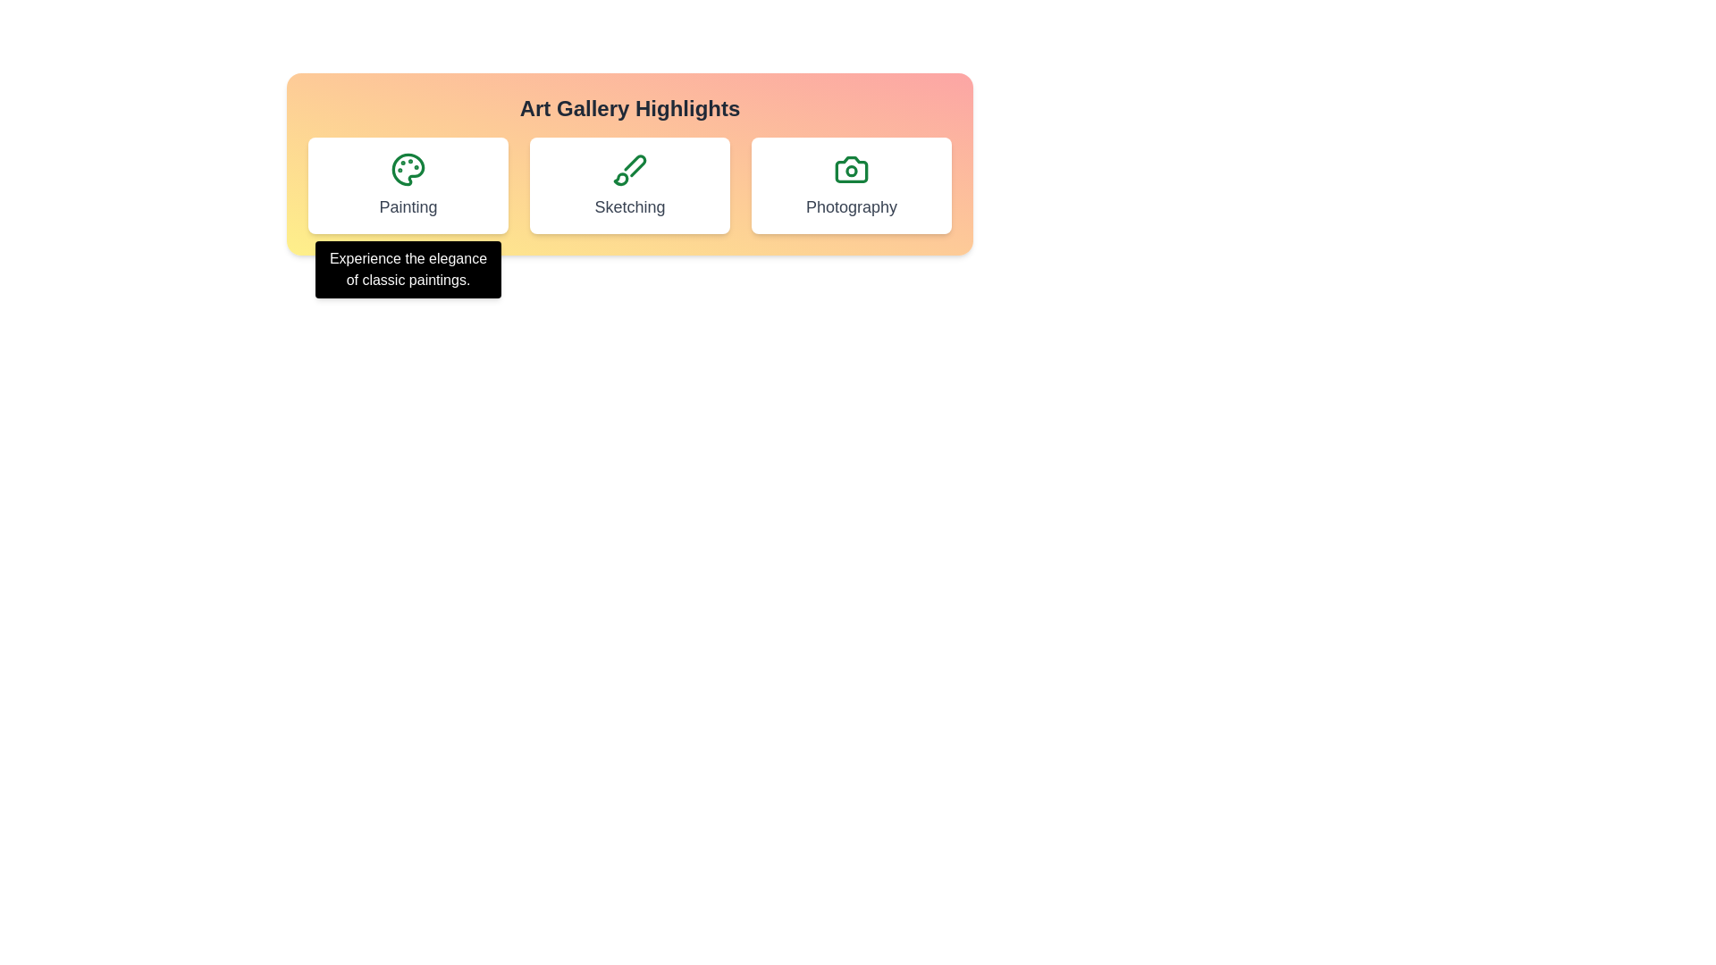 The image size is (1716, 965). I want to click on the circular decorative SVG shape that represents the camera's lens within the camera icon, located on the far right of the 'Art Gallery Highlights' section, so click(851, 171).